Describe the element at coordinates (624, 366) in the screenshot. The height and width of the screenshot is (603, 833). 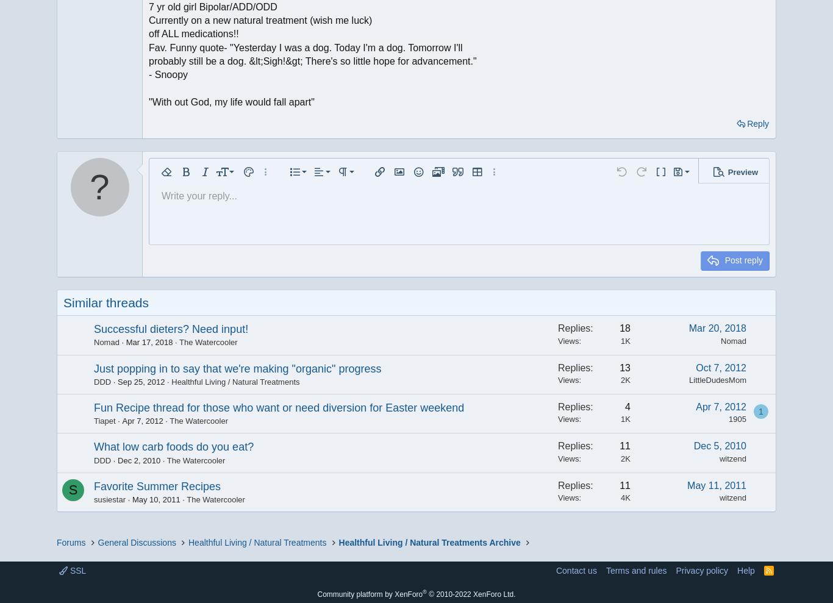
I see `'13'` at that location.